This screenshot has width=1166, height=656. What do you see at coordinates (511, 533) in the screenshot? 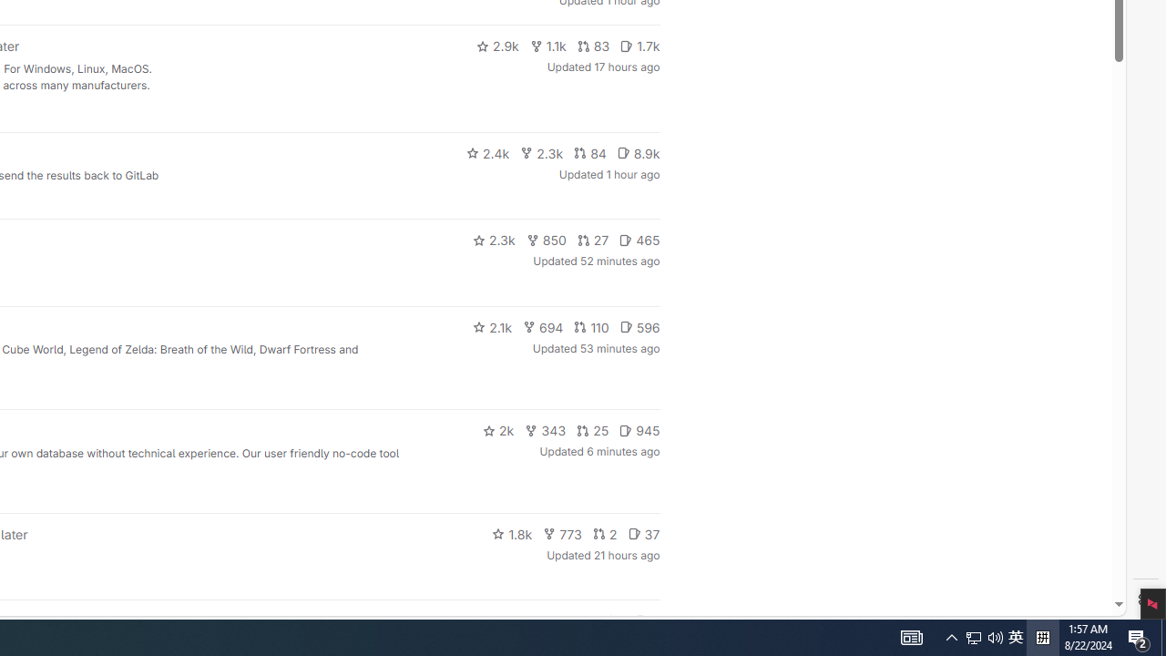
I see `'1.8k'` at bounding box center [511, 533].